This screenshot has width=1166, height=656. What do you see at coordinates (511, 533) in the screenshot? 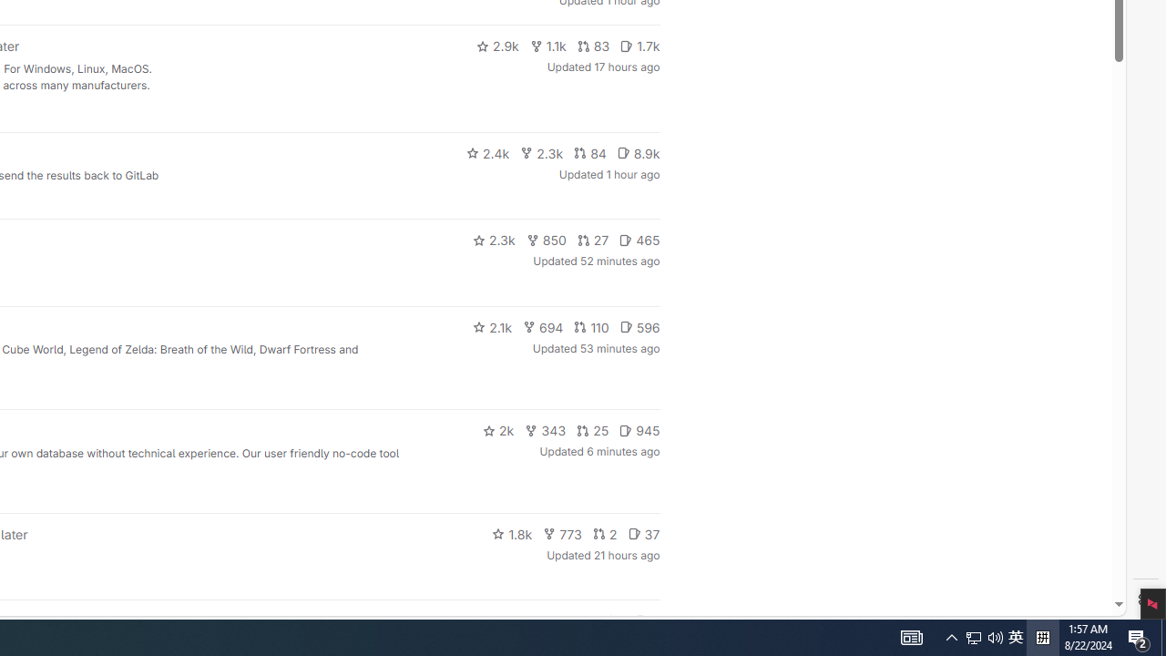
I see `'1.8k'` at bounding box center [511, 533].